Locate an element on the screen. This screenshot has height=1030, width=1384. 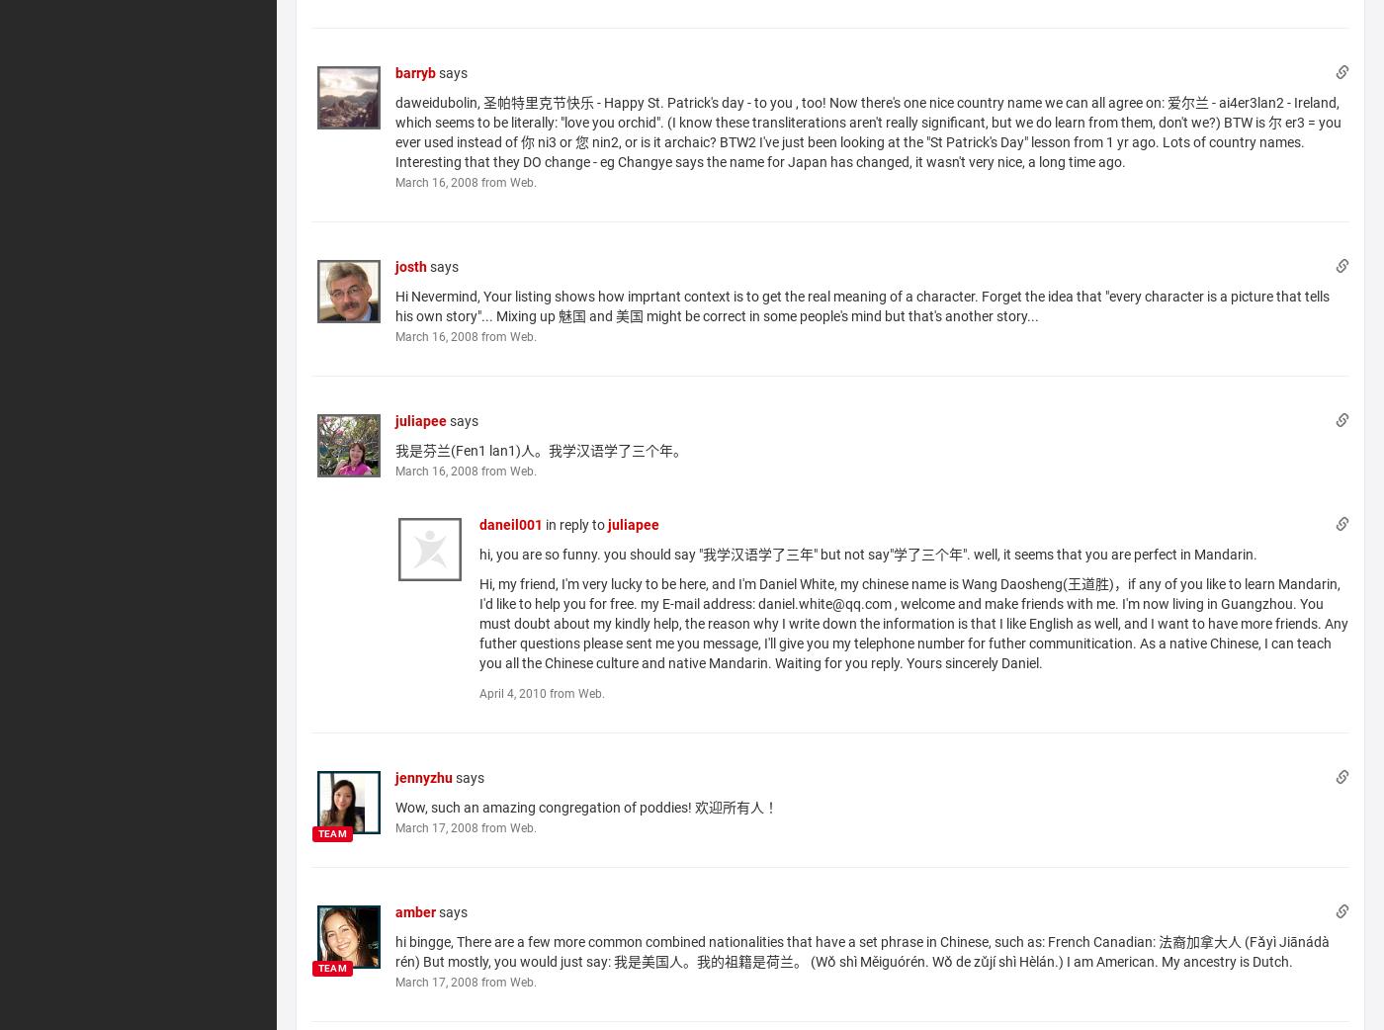
'jennyzhu' is located at coordinates (423, 776).